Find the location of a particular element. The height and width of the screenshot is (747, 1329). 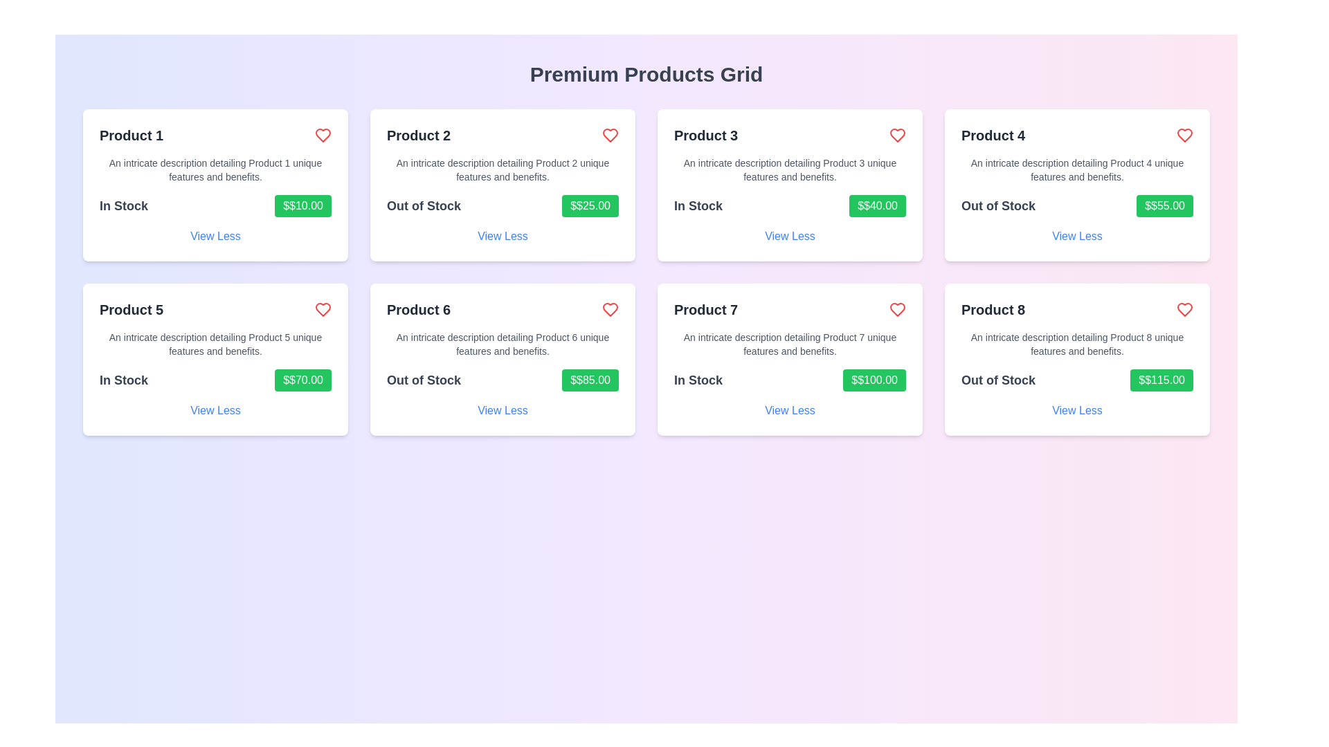

the hyperlink at the bottom of the product information card for 'Product 2' is located at coordinates (502, 236).